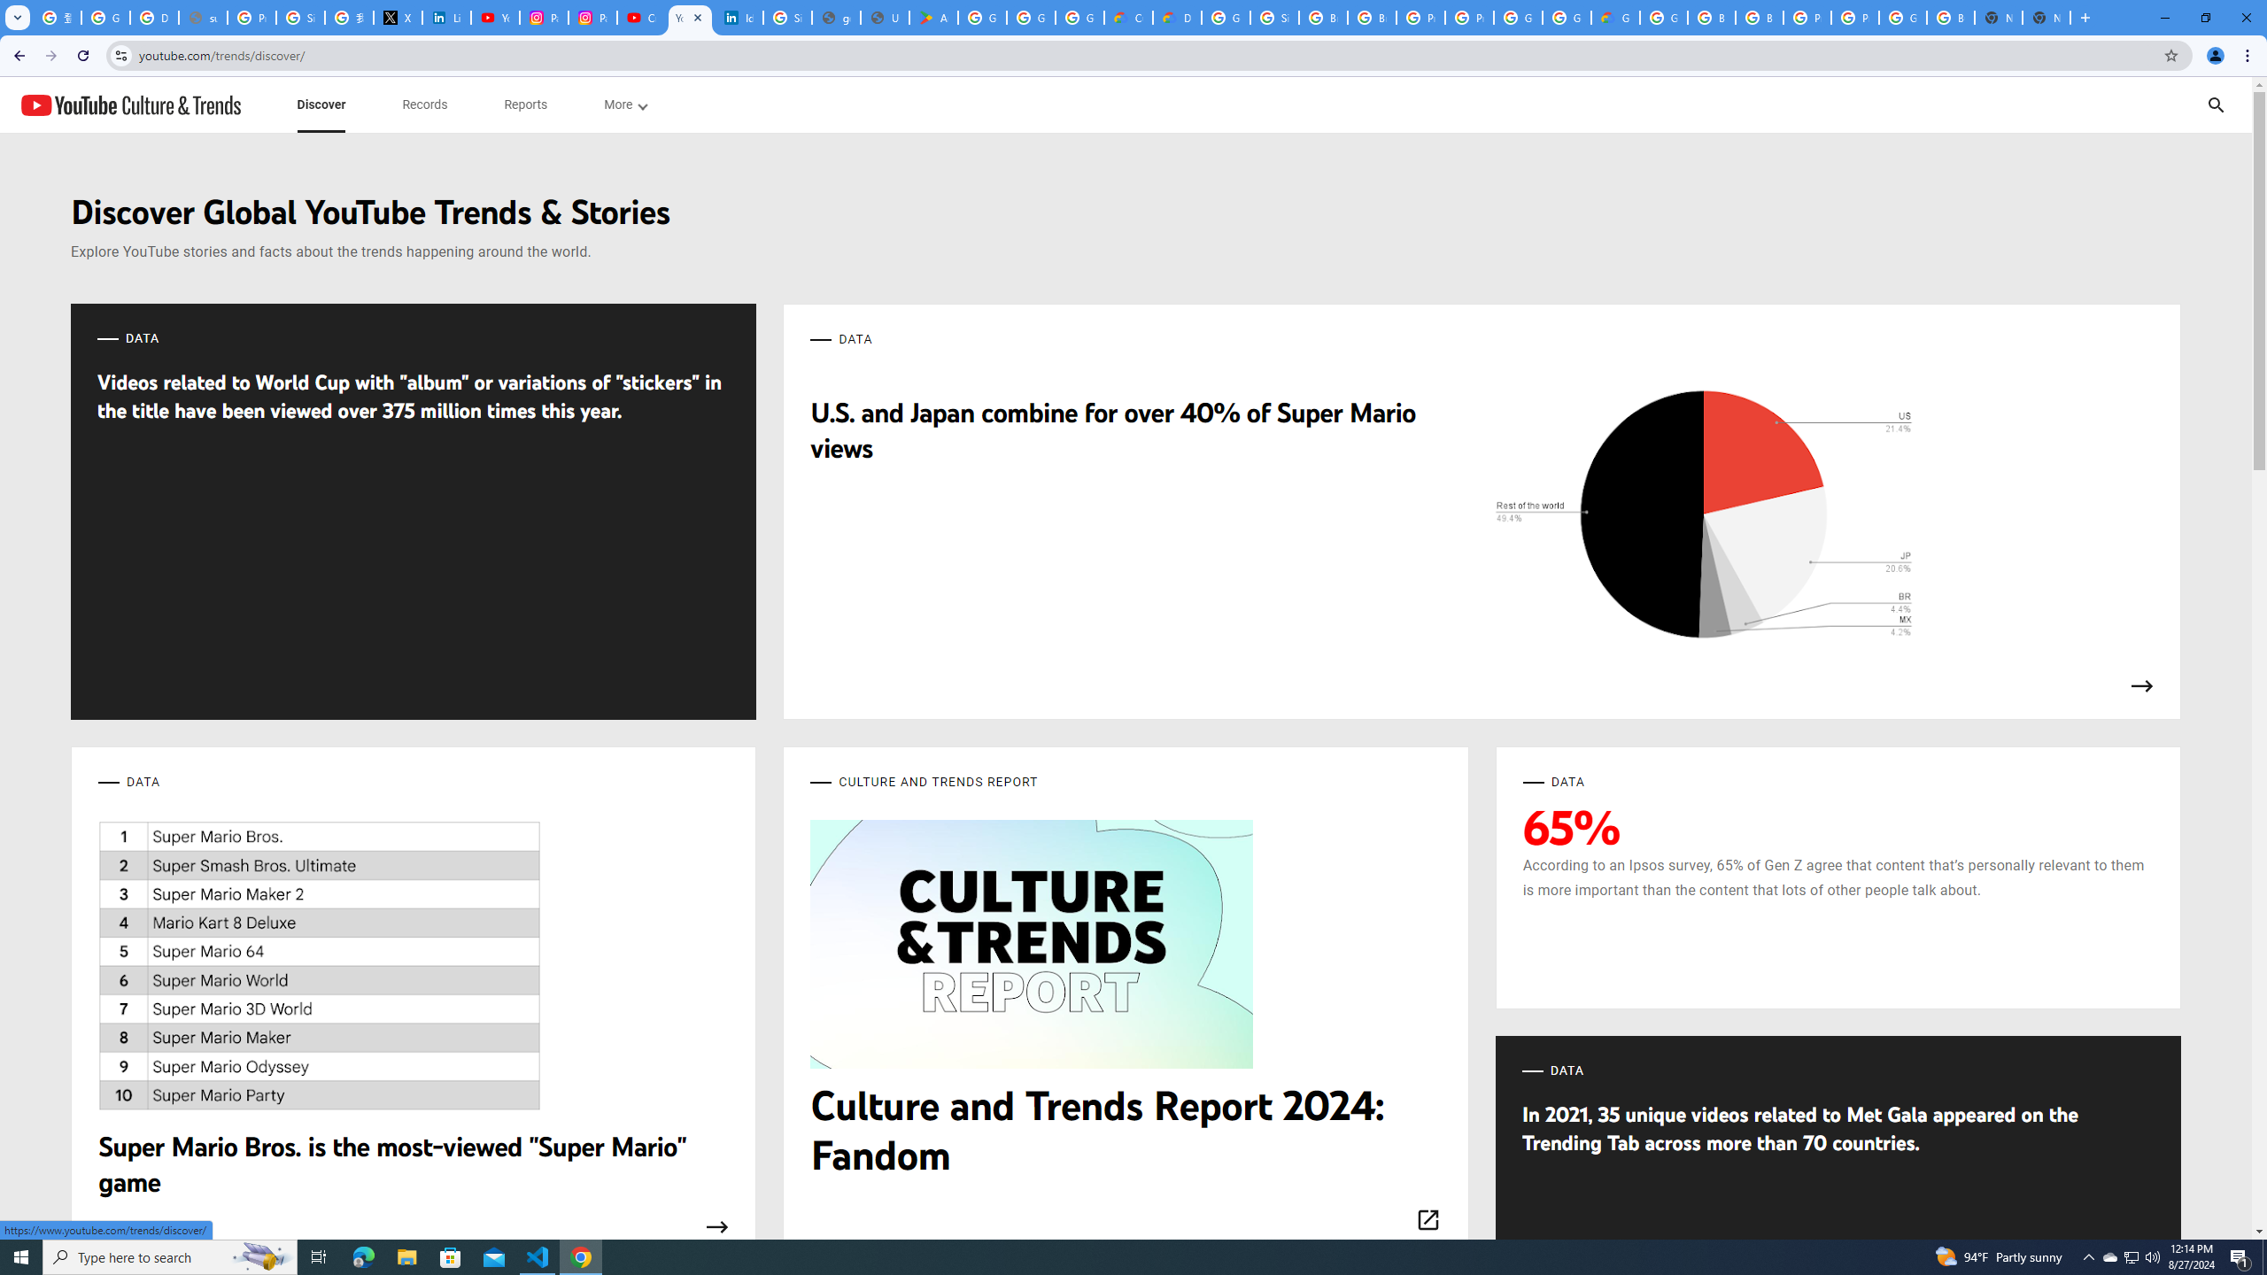 This screenshot has width=2267, height=1275. What do you see at coordinates (1030, 17) in the screenshot?
I see `'Google Workspace - Specific Terms'` at bounding box center [1030, 17].